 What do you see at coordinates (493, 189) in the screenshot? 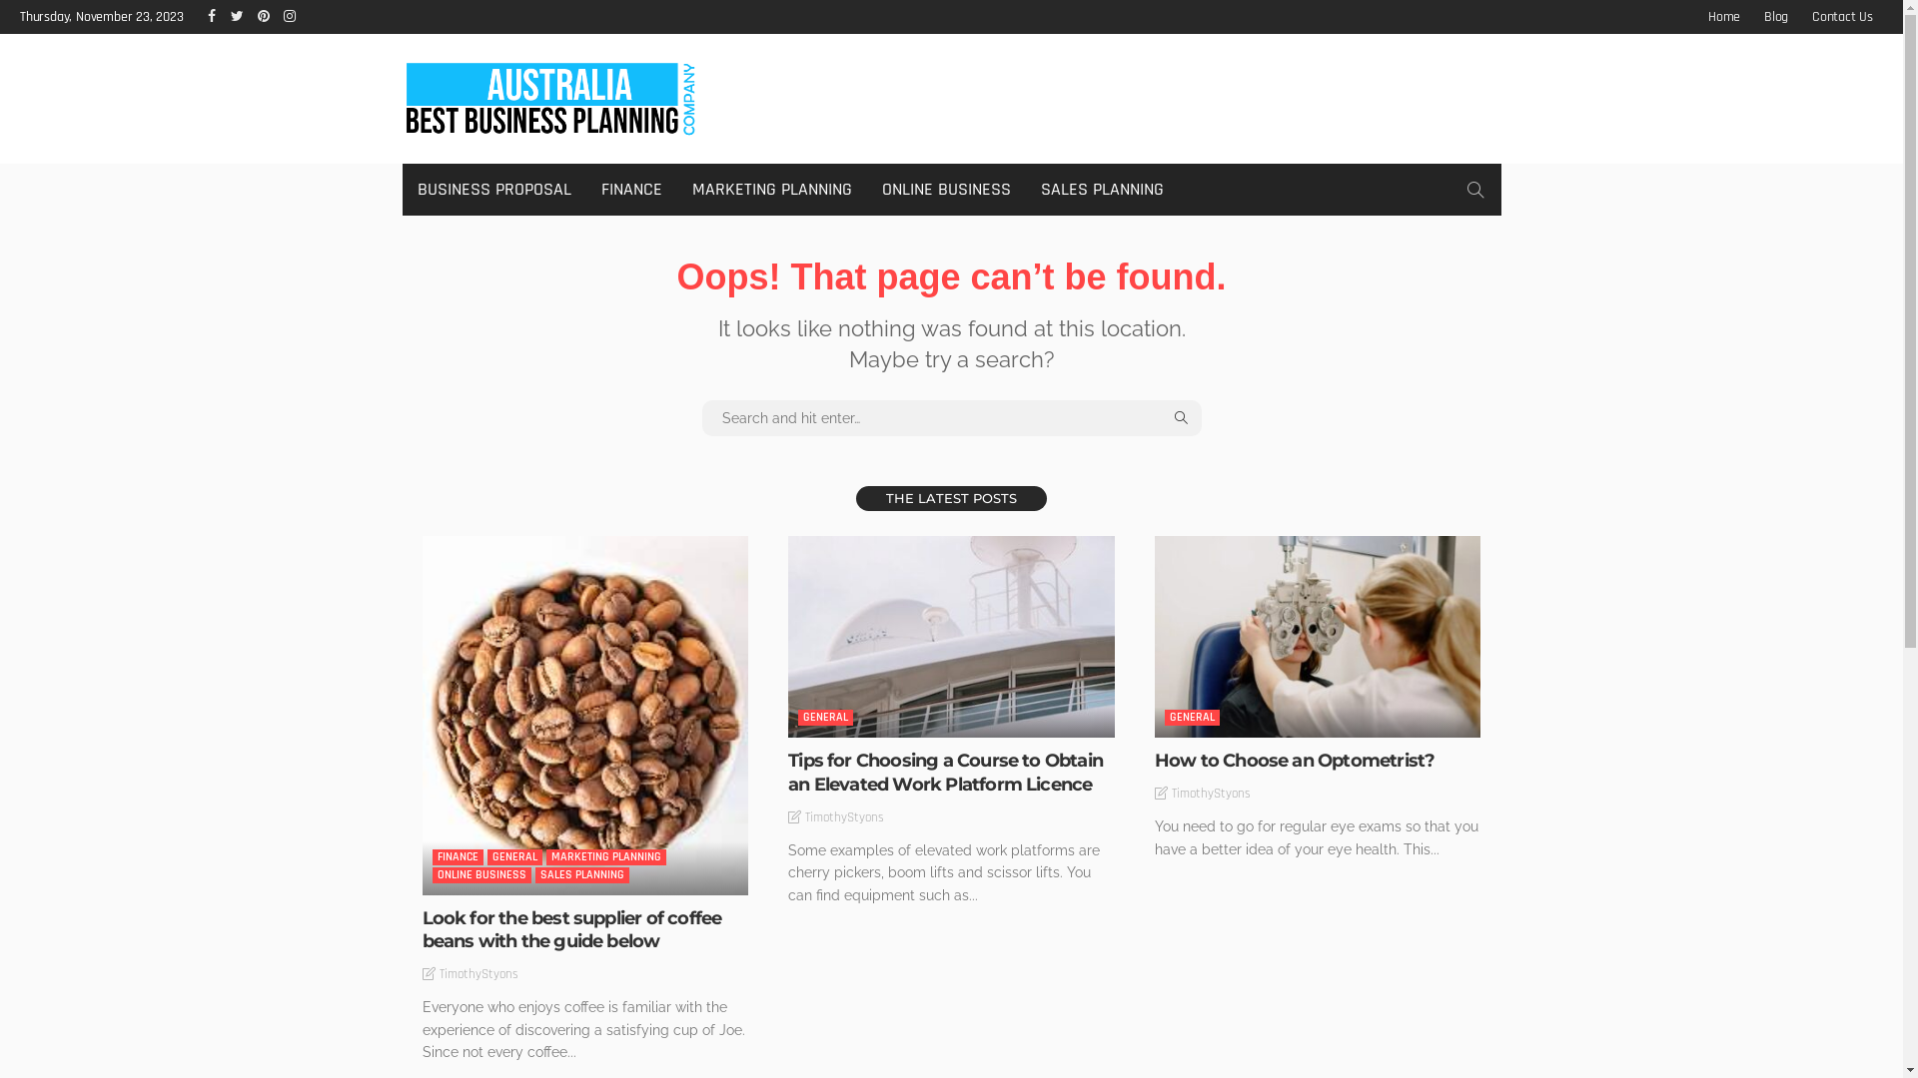
I see `'BUSINESS PROPOSAL'` at bounding box center [493, 189].